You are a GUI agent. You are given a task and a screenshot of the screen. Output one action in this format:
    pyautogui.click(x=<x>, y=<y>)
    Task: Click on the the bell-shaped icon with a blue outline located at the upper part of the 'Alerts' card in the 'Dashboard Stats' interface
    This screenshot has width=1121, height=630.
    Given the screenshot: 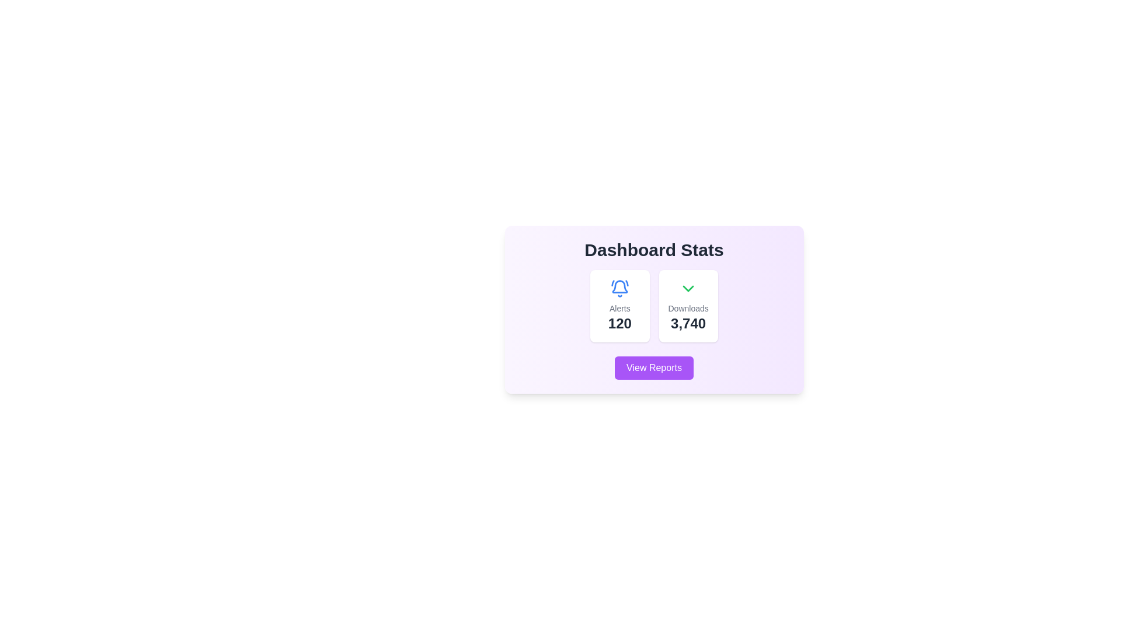 What is the action you would take?
    pyautogui.click(x=619, y=288)
    